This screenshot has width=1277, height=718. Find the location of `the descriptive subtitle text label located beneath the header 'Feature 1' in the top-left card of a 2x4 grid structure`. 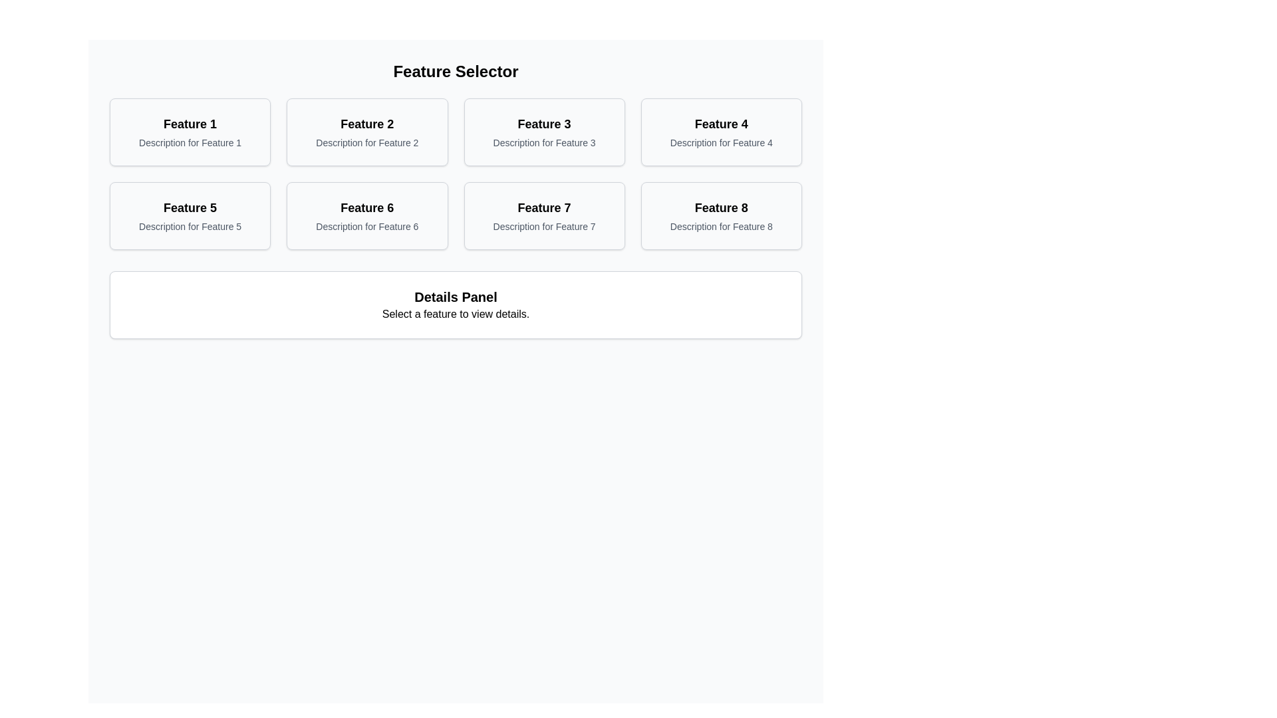

the descriptive subtitle text label located beneath the header 'Feature 1' in the top-left card of a 2x4 grid structure is located at coordinates (190, 143).